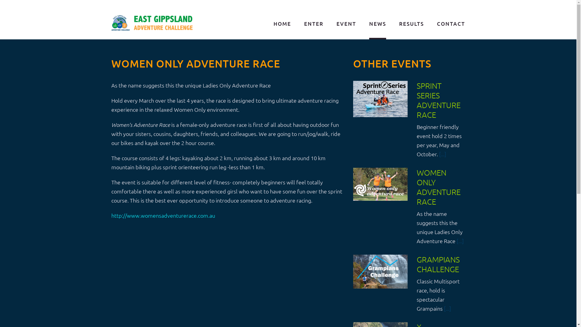 The width and height of the screenshot is (581, 327). I want to click on 'WOMEN ONLY ADVENTURE RACE', so click(438, 187).